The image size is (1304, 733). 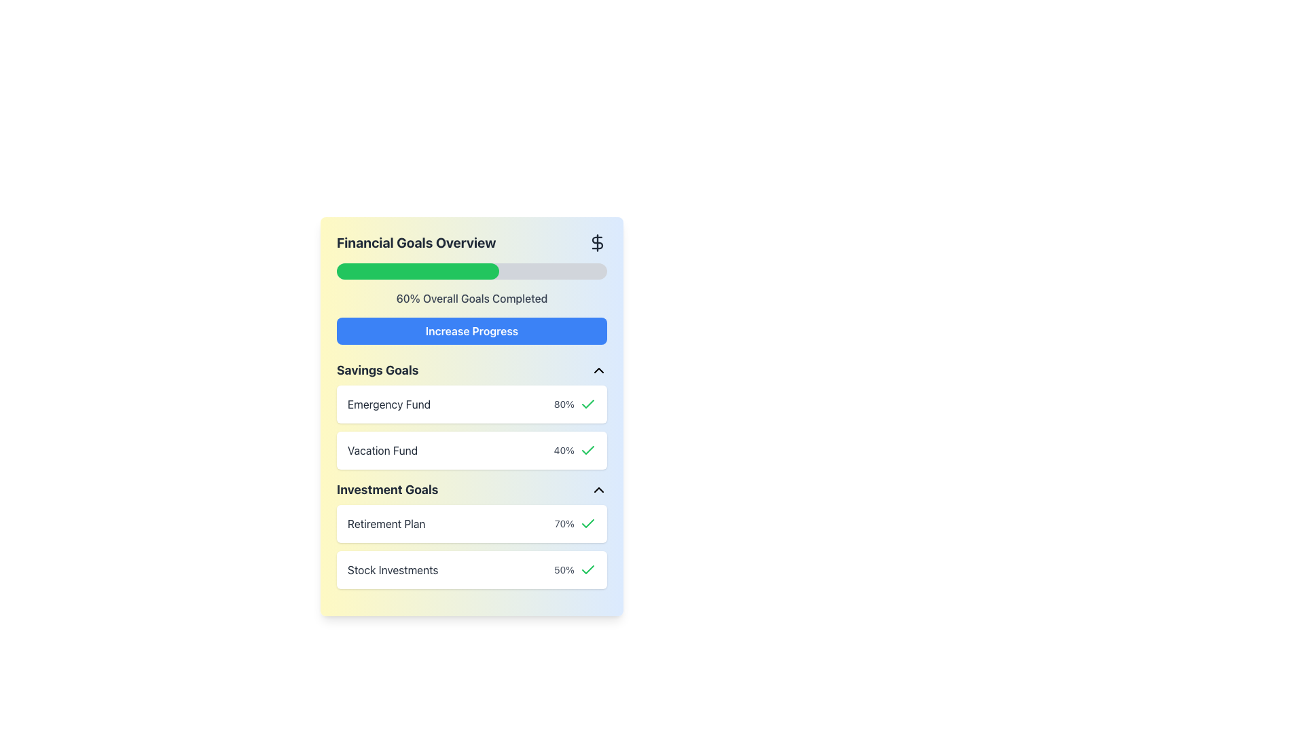 I want to click on the toggle button located to the right of the 'Investment Goals' header, so click(x=598, y=489).